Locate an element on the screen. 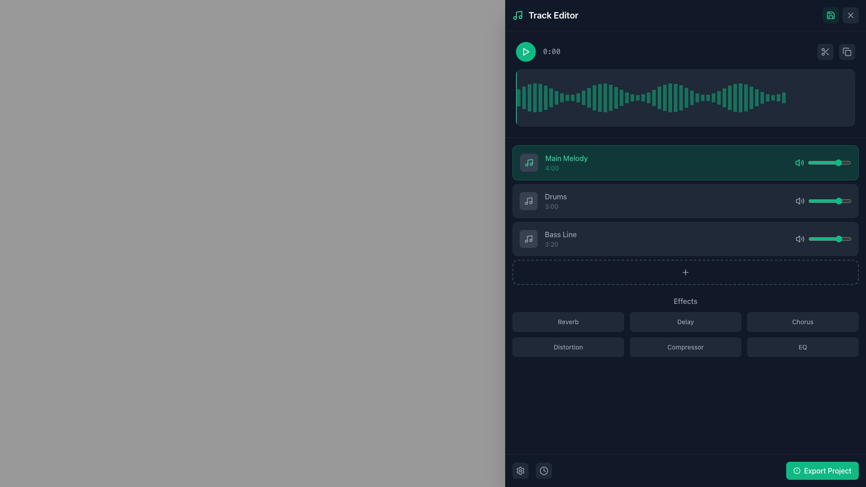 The height and width of the screenshot is (487, 866). the context of the last vertical bar in the waveform sequence, which is a semi-transparent emerald colored bar located in the 'Track Editor' interface is located at coordinates (783, 97).